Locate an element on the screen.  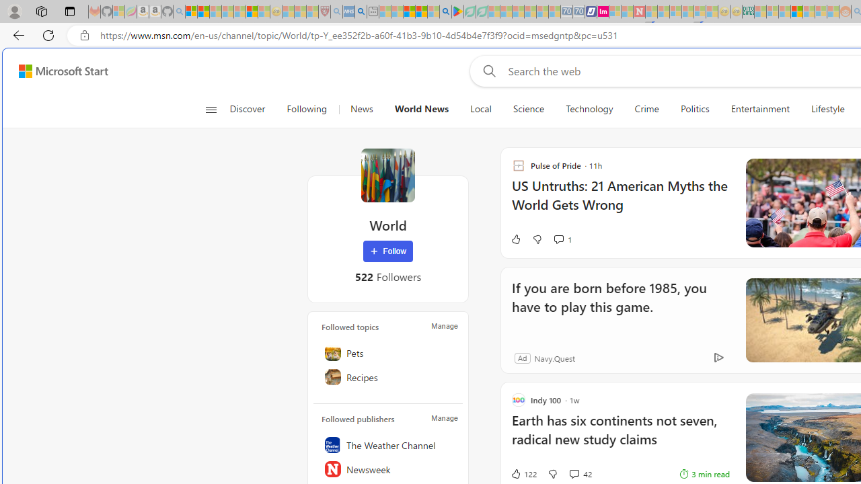
'122 Like' is located at coordinates (523, 473).